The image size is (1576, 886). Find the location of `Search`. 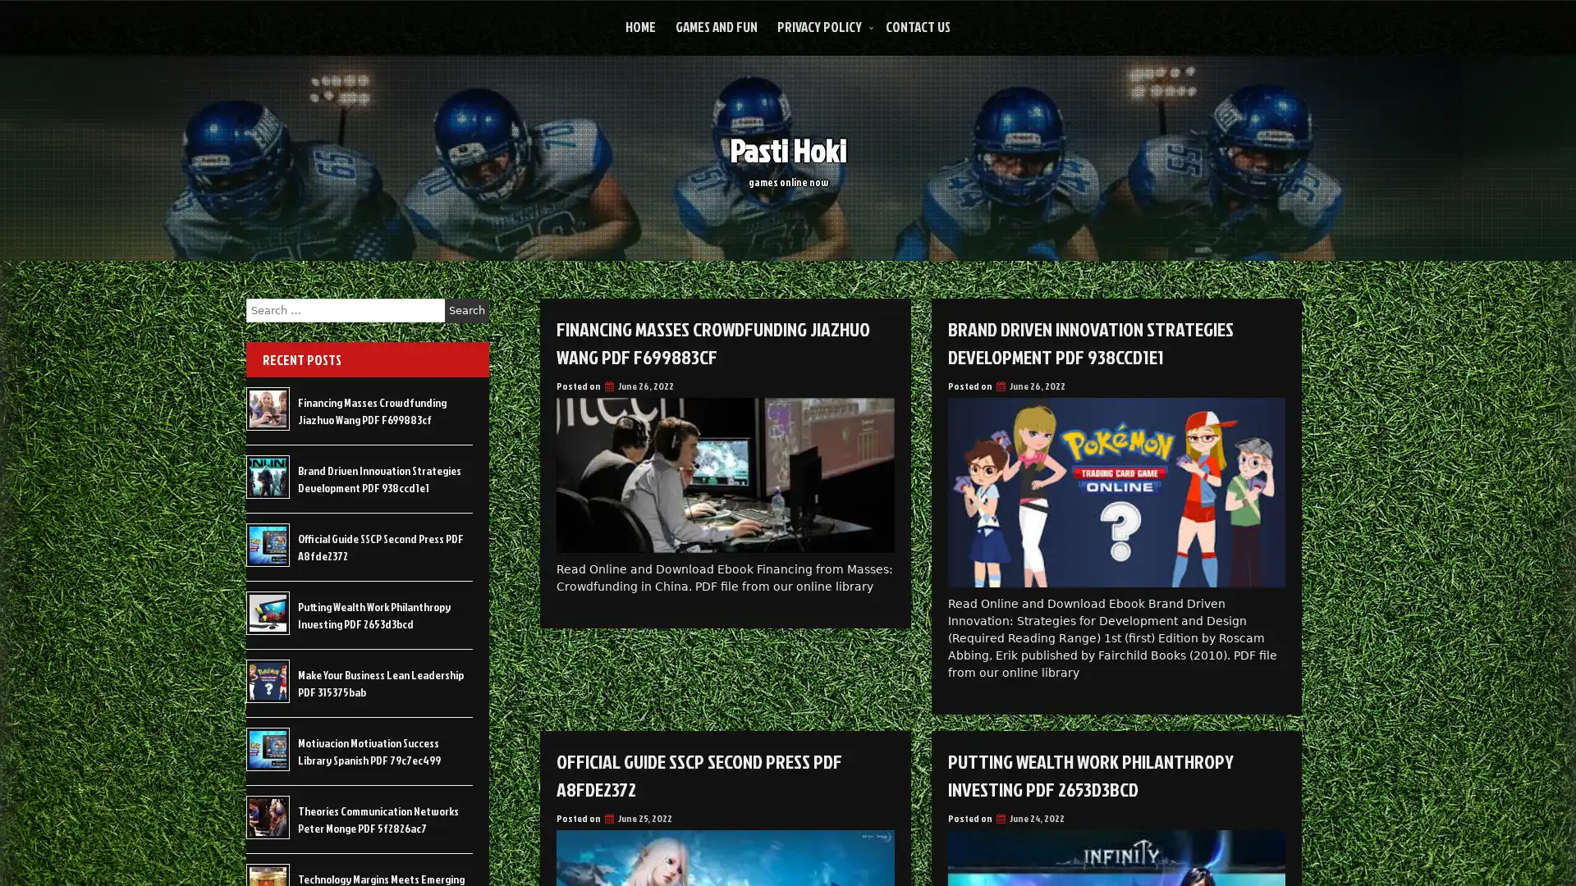

Search is located at coordinates (466, 310).